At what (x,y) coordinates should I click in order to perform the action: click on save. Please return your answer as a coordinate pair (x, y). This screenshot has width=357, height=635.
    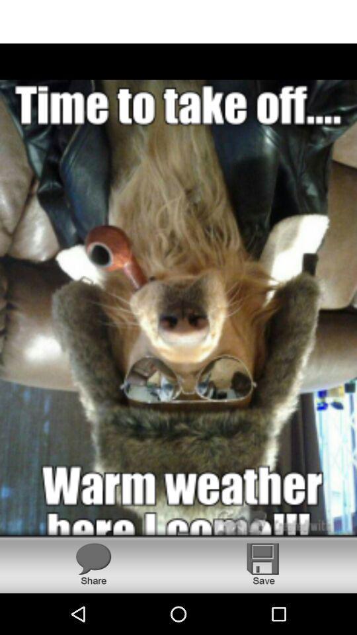
    Looking at the image, I should click on (263, 563).